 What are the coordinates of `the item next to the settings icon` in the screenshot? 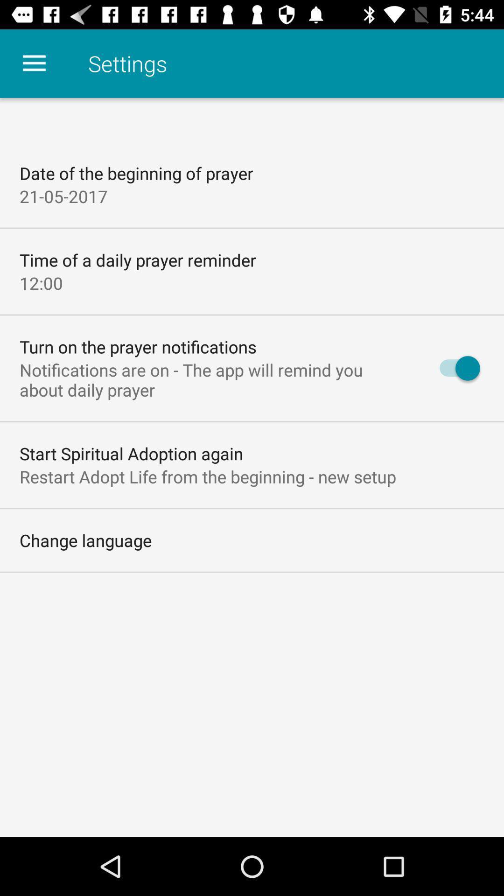 It's located at (34, 63).